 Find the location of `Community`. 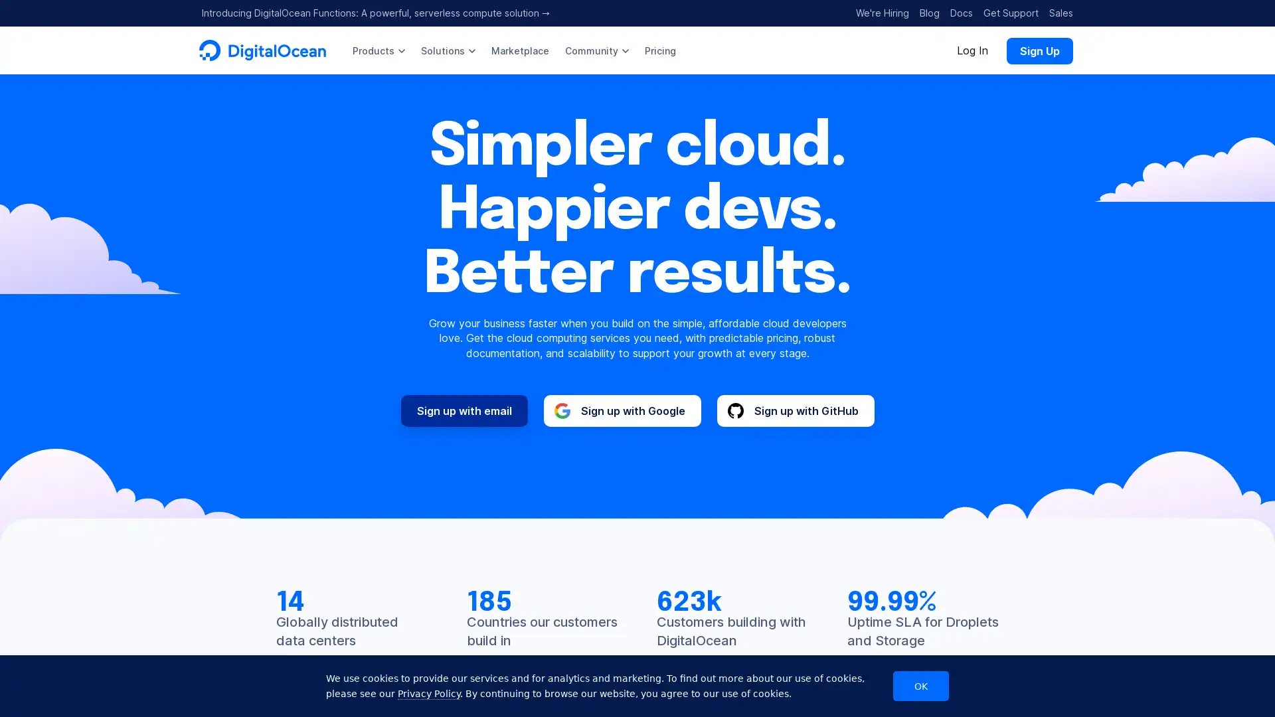

Community is located at coordinates (596, 50).